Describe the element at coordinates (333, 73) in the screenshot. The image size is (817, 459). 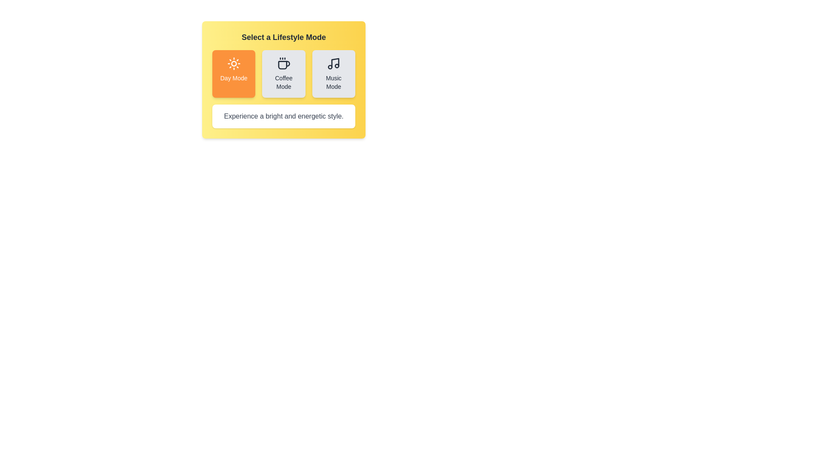
I see `the button corresponding to Music` at that location.